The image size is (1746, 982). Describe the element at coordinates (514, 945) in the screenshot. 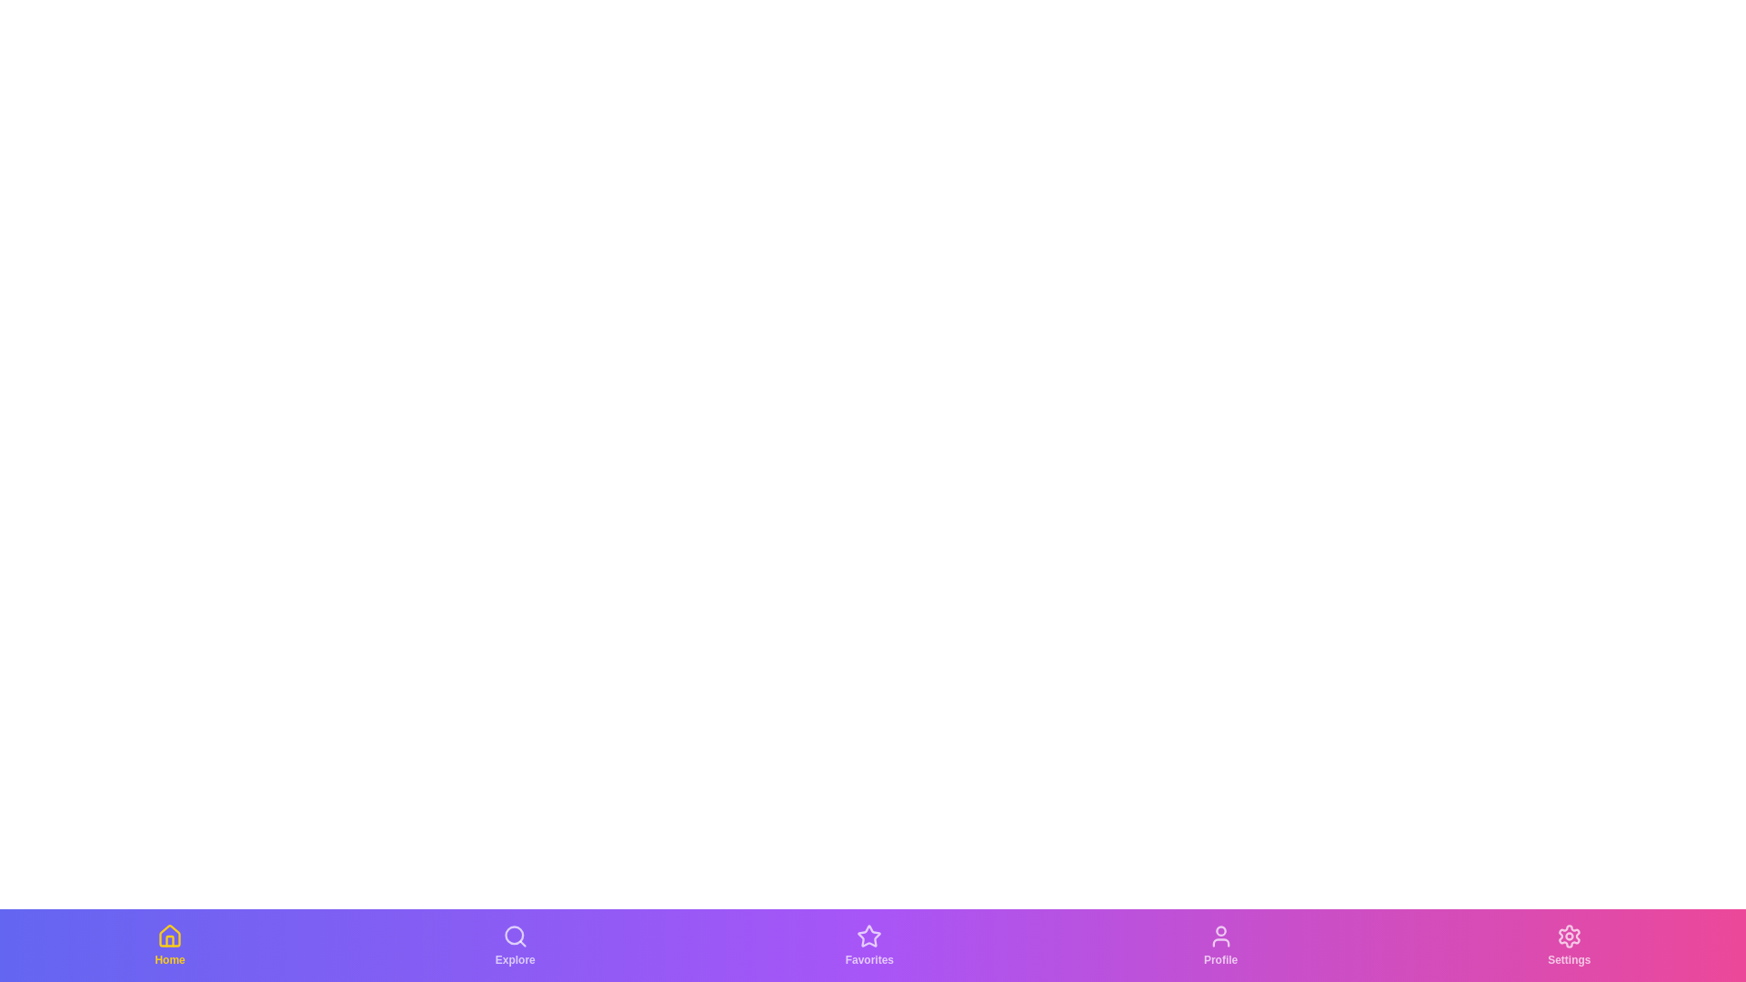

I see `the Explore tab in the bottom navigation bar to switch to its corresponding view` at that location.